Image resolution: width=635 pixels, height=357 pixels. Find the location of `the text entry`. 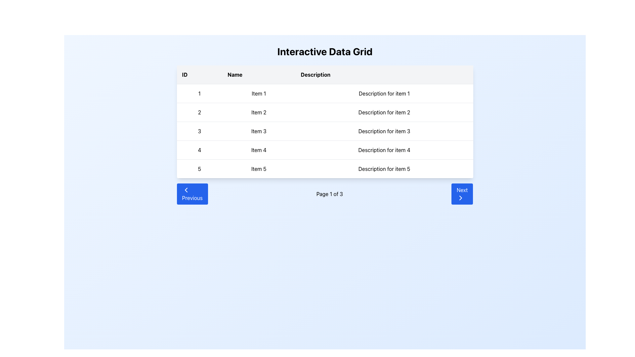

the text entry is located at coordinates (258, 112).